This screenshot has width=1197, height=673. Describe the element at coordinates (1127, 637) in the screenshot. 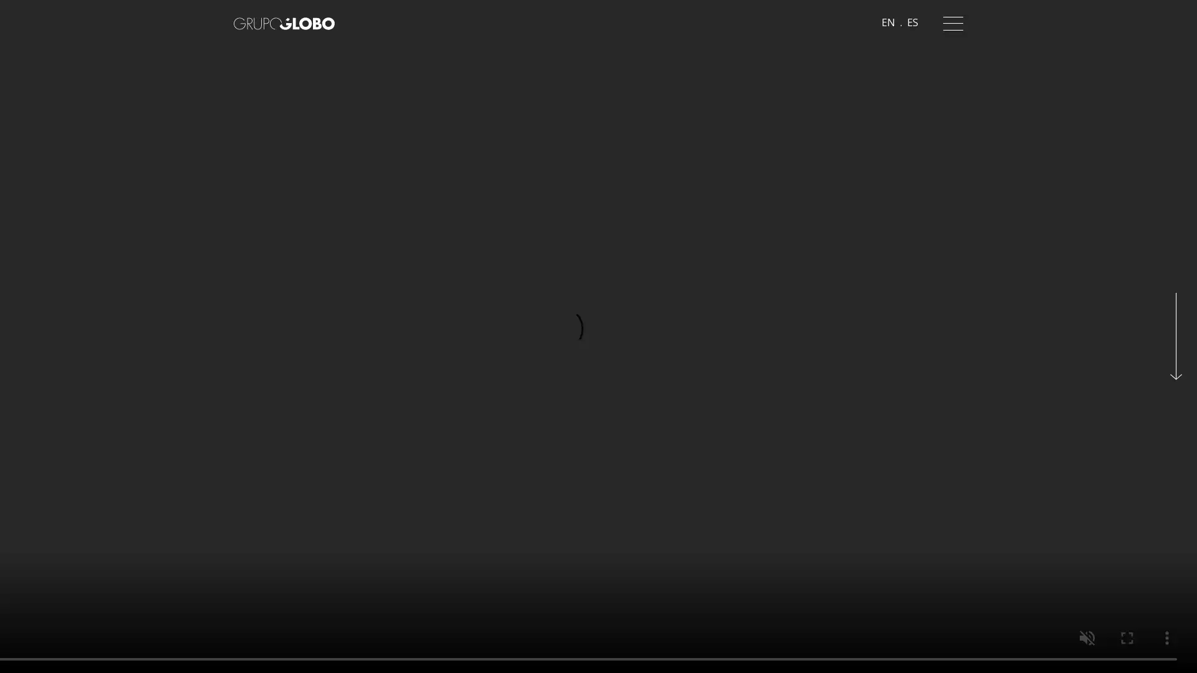

I see `enter full screen` at that location.